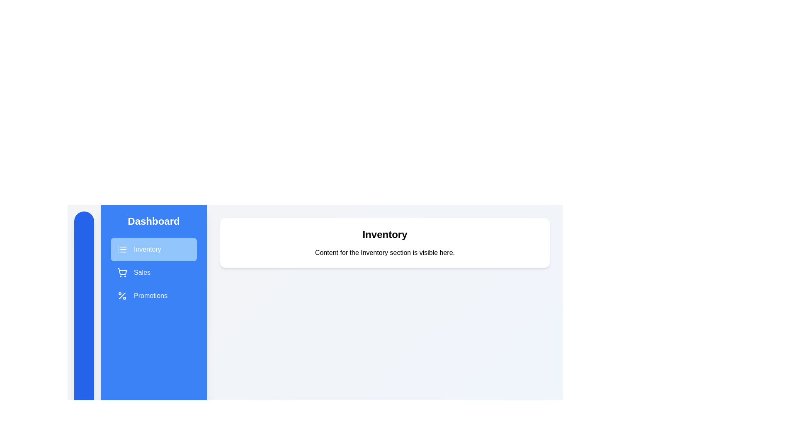 The width and height of the screenshot is (796, 447). What do you see at coordinates (84, 428) in the screenshot?
I see `the menu button to toggle the sidebar visibility` at bounding box center [84, 428].